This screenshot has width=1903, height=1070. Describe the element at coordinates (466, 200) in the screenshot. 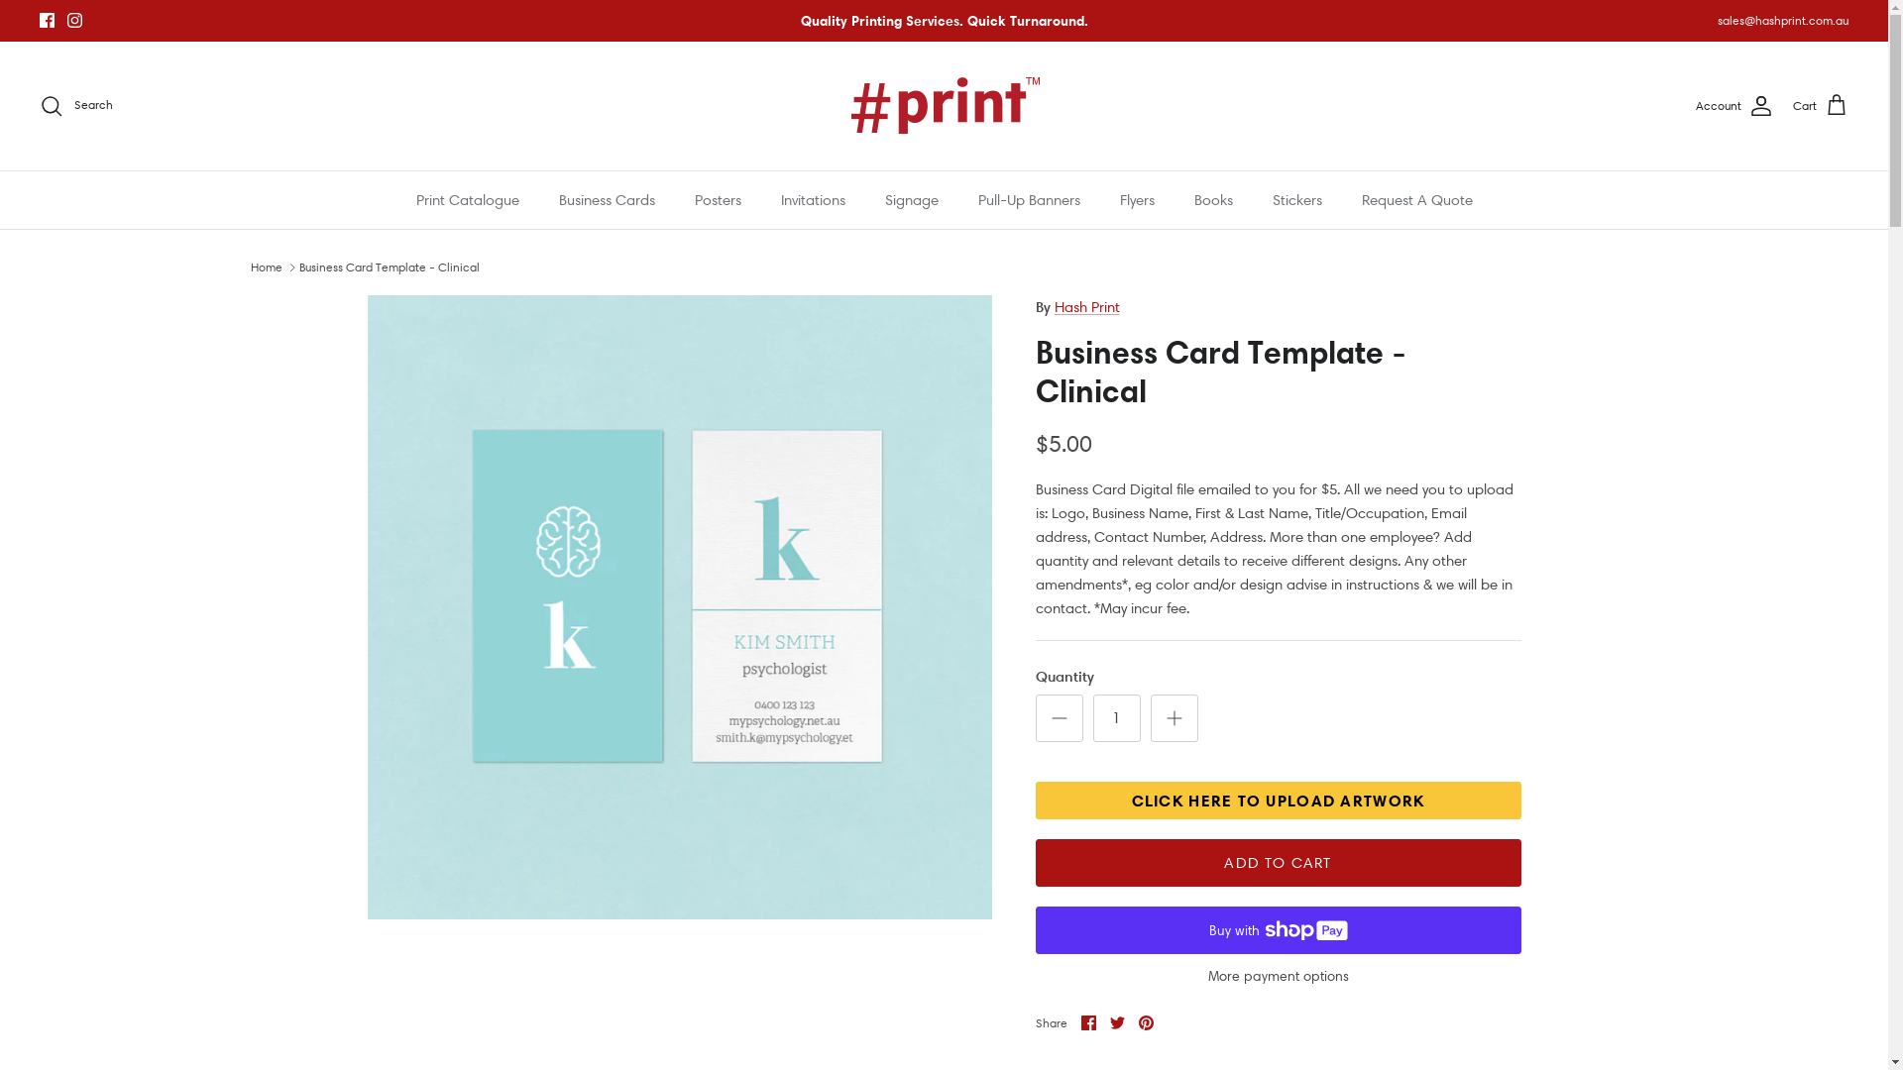

I see `'Print Catalogue'` at that location.